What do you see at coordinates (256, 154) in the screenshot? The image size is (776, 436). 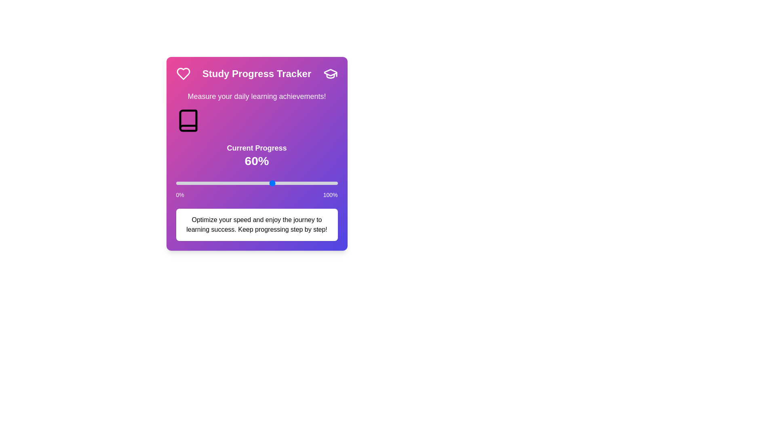 I see `the gradient background to trigger any hover effects` at bounding box center [256, 154].